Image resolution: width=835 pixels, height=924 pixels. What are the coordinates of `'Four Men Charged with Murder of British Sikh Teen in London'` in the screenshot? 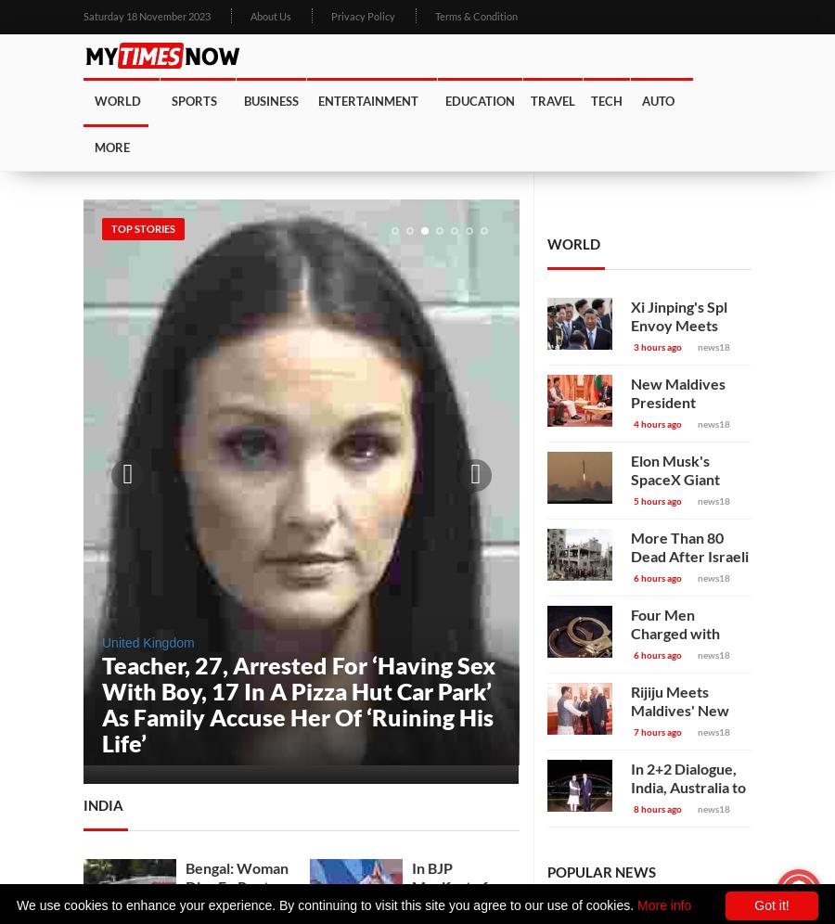 It's located at (630, 650).